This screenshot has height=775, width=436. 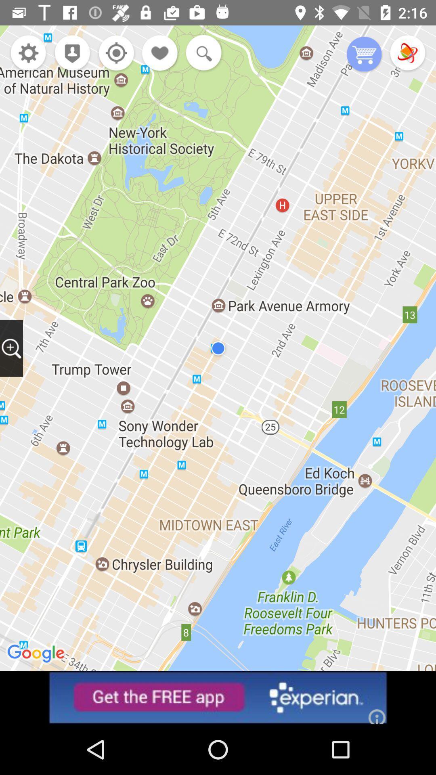 What do you see at coordinates (201, 53) in the screenshot?
I see `the search icon` at bounding box center [201, 53].